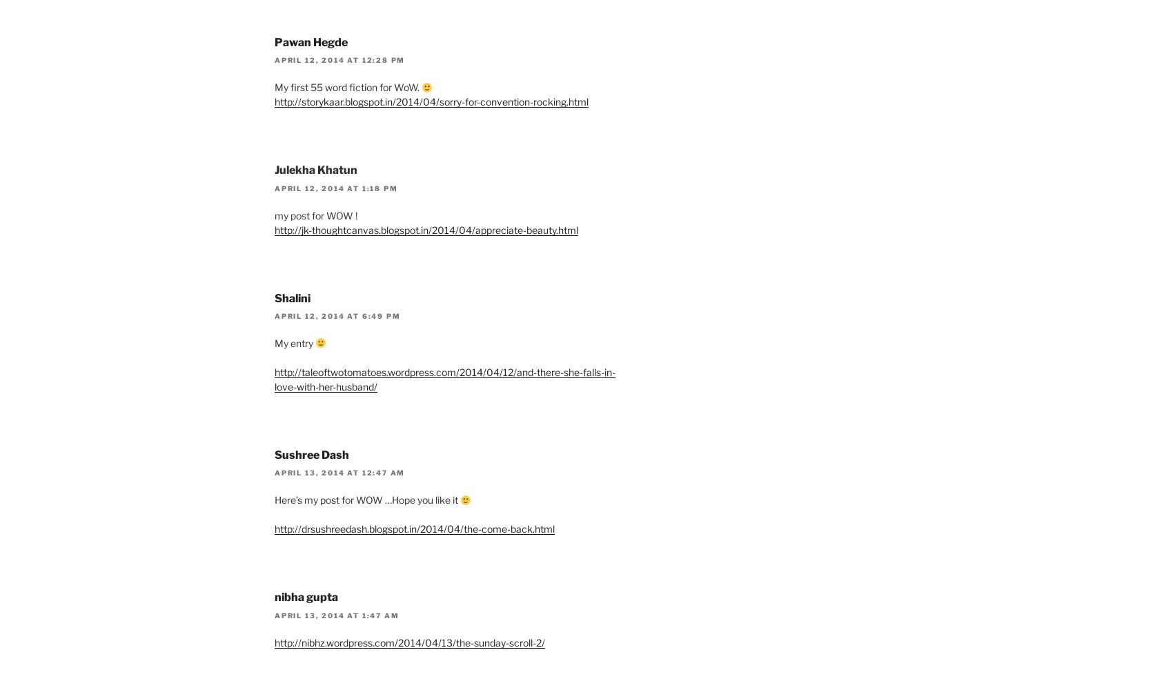 This screenshot has height=699, width=1173. What do you see at coordinates (306, 596) in the screenshot?
I see `'nibha gupta'` at bounding box center [306, 596].